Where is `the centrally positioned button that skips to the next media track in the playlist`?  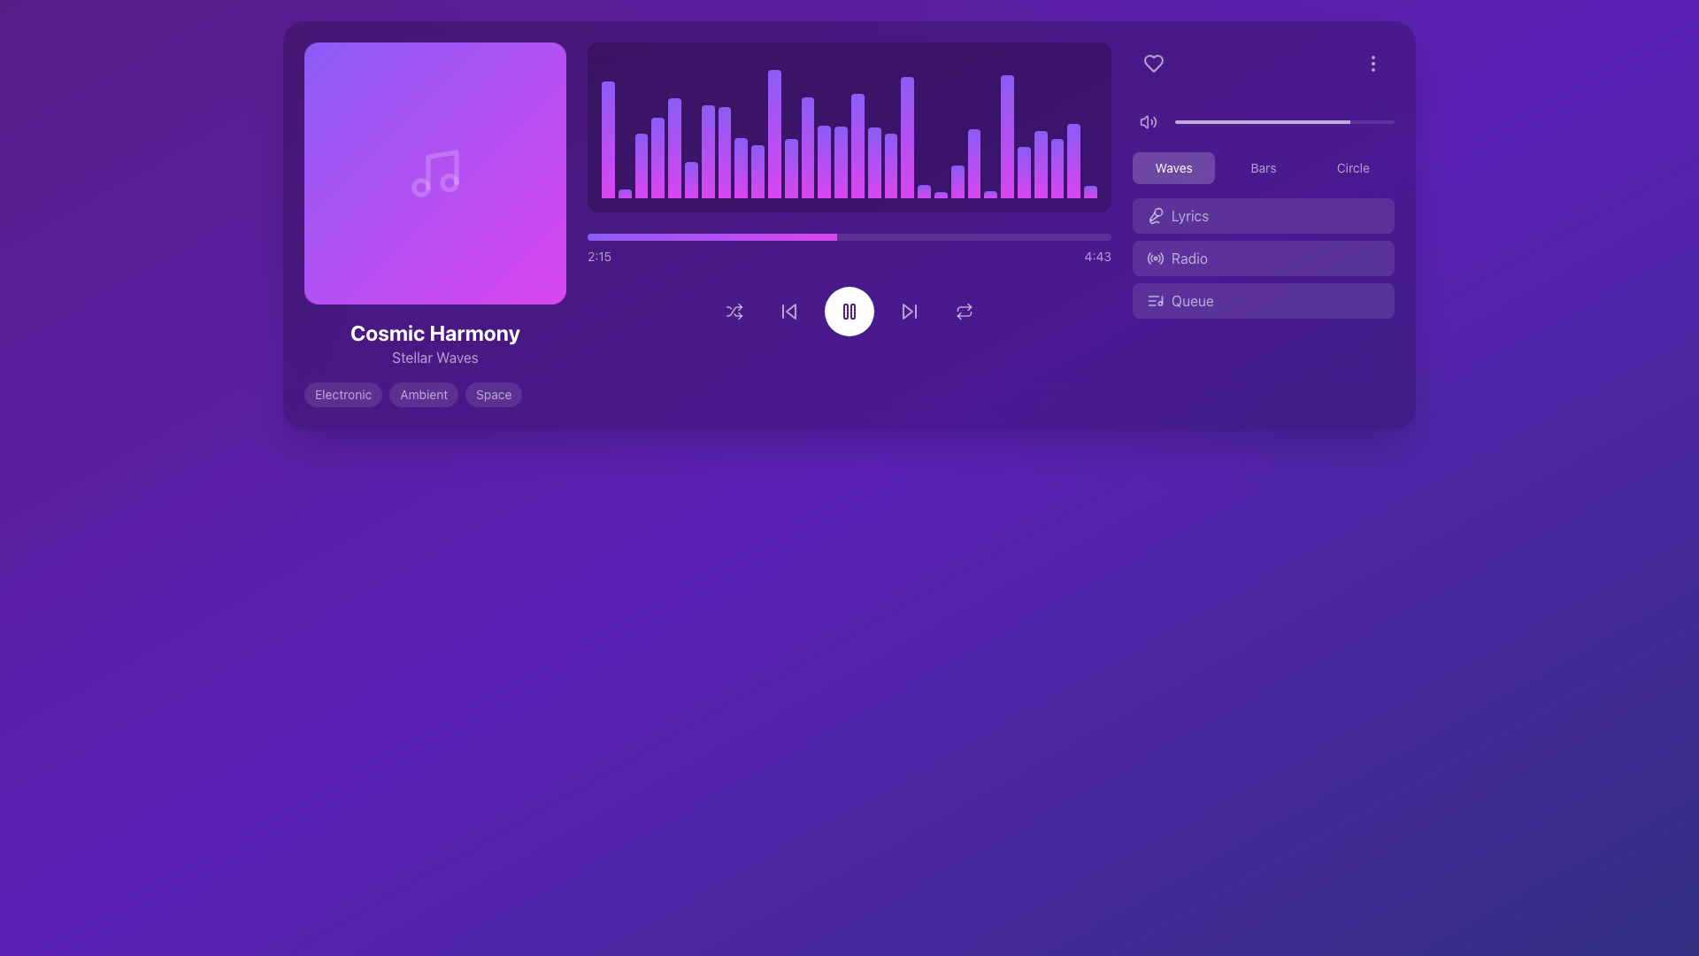 the centrally positioned button that skips to the next media track in the playlist is located at coordinates (909, 310).